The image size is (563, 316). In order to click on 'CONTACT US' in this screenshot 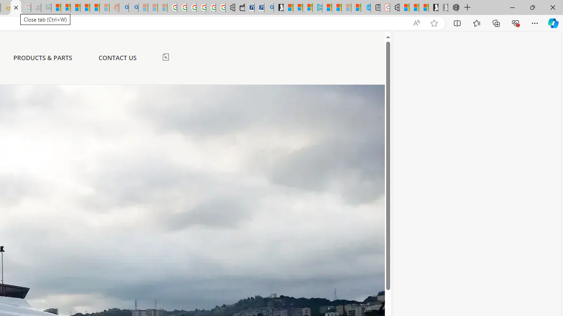, I will do `click(117, 58)`.